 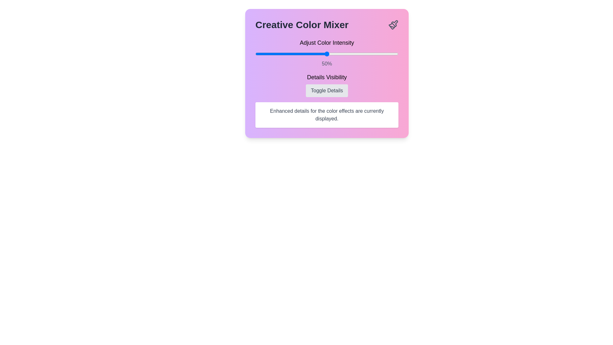 I want to click on the percentage label '50%' for the current value of the color intensity adjustment in the Composite element titled 'Adjust Color Intensity', so click(x=327, y=52).